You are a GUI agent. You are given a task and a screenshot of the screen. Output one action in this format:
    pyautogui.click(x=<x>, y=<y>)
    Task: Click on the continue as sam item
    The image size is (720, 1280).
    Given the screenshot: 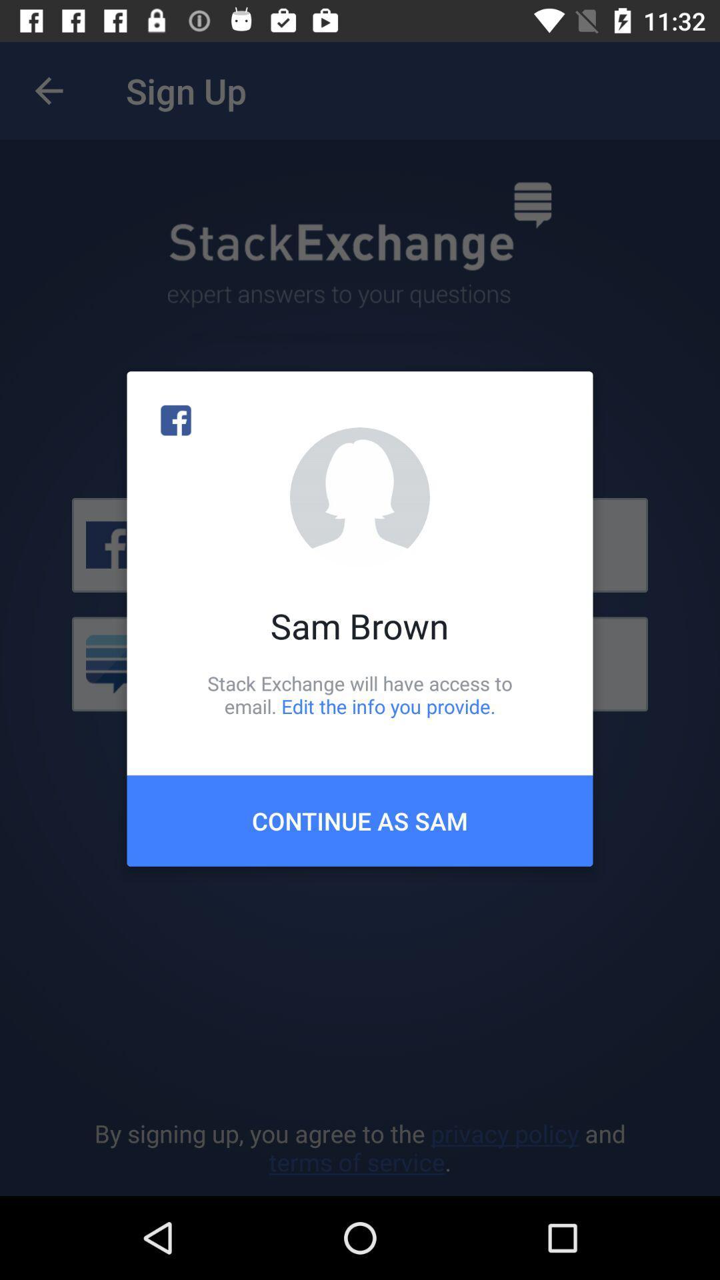 What is the action you would take?
    pyautogui.click(x=360, y=820)
    